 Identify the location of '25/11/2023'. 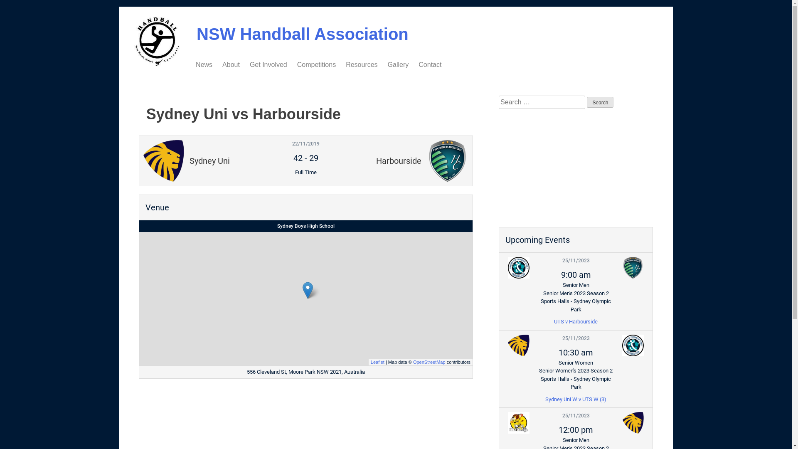
(562, 338).